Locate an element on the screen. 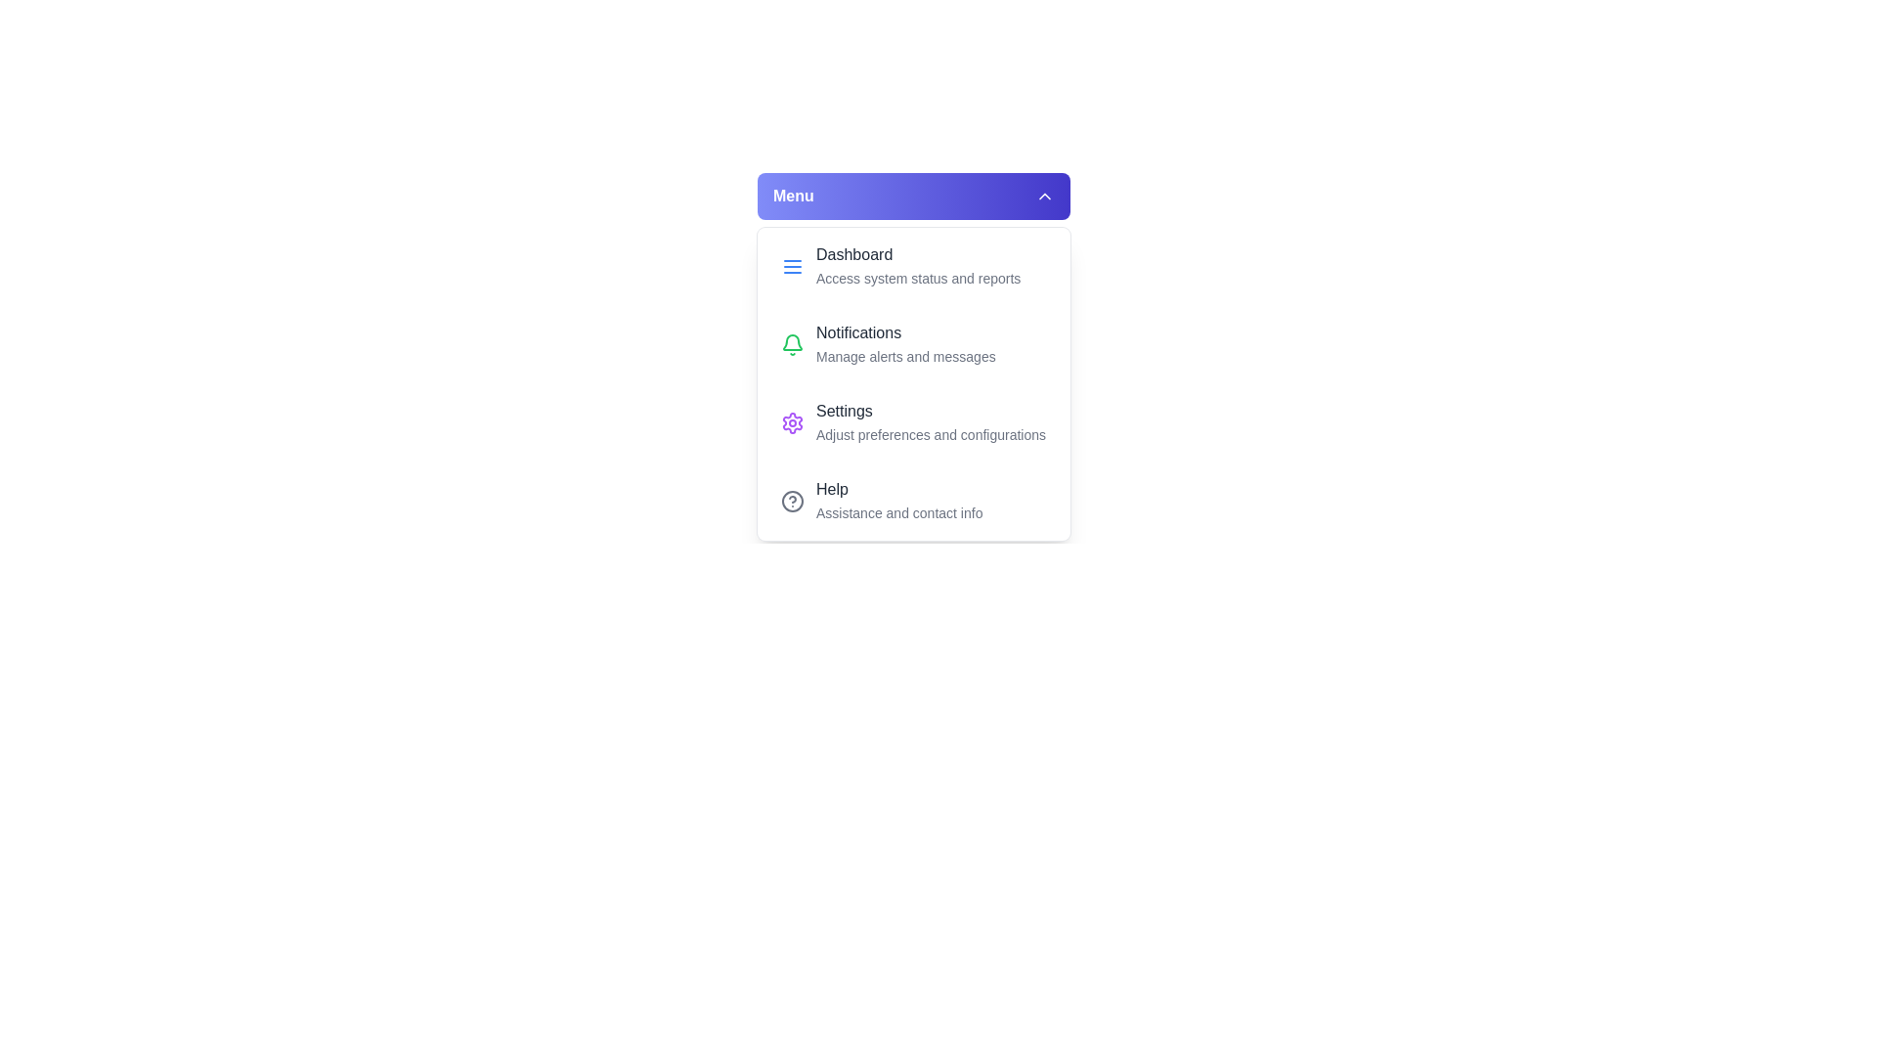  the green bell icon located to the left of the 'Notifications' label in the menu panel is located at coordinates (793, 344).